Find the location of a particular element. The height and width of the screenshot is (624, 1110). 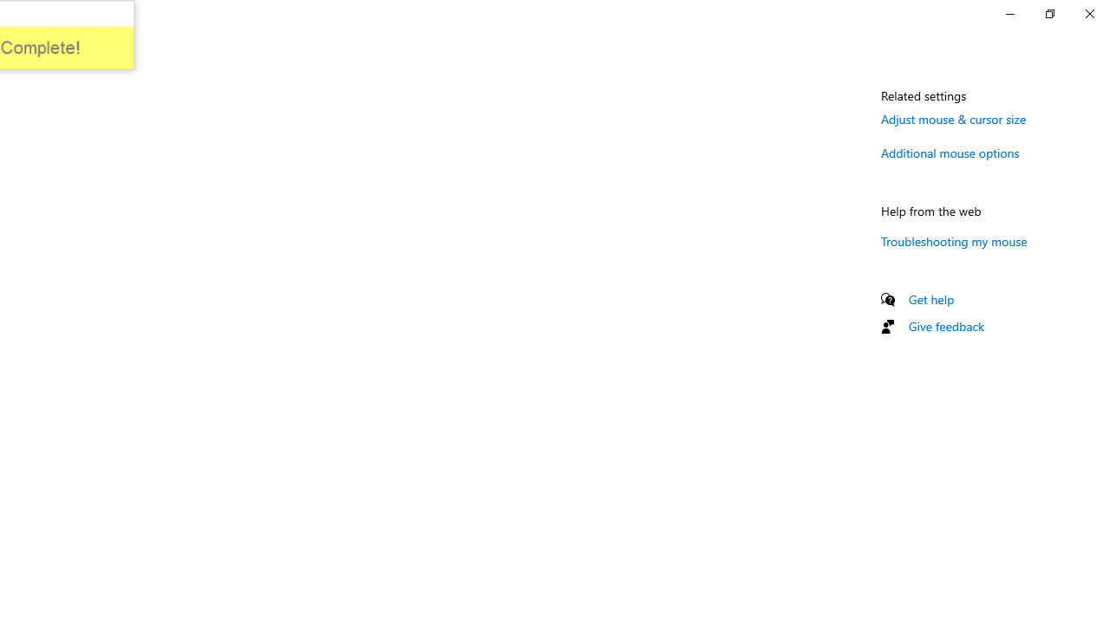

'Restore Settings' is located at coordinates (1048, 13).